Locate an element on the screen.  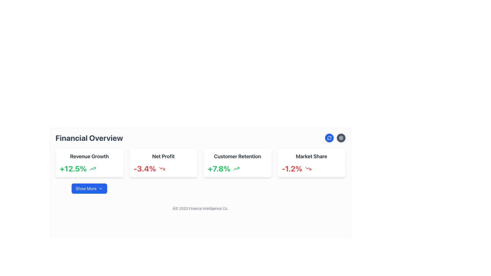
growth icon located to the right of the numeric value '7.8%' in the 'Customer Retention' section of the third card in the Financial Overview panel to understand its design and implications is located at coordinates (236, 168).